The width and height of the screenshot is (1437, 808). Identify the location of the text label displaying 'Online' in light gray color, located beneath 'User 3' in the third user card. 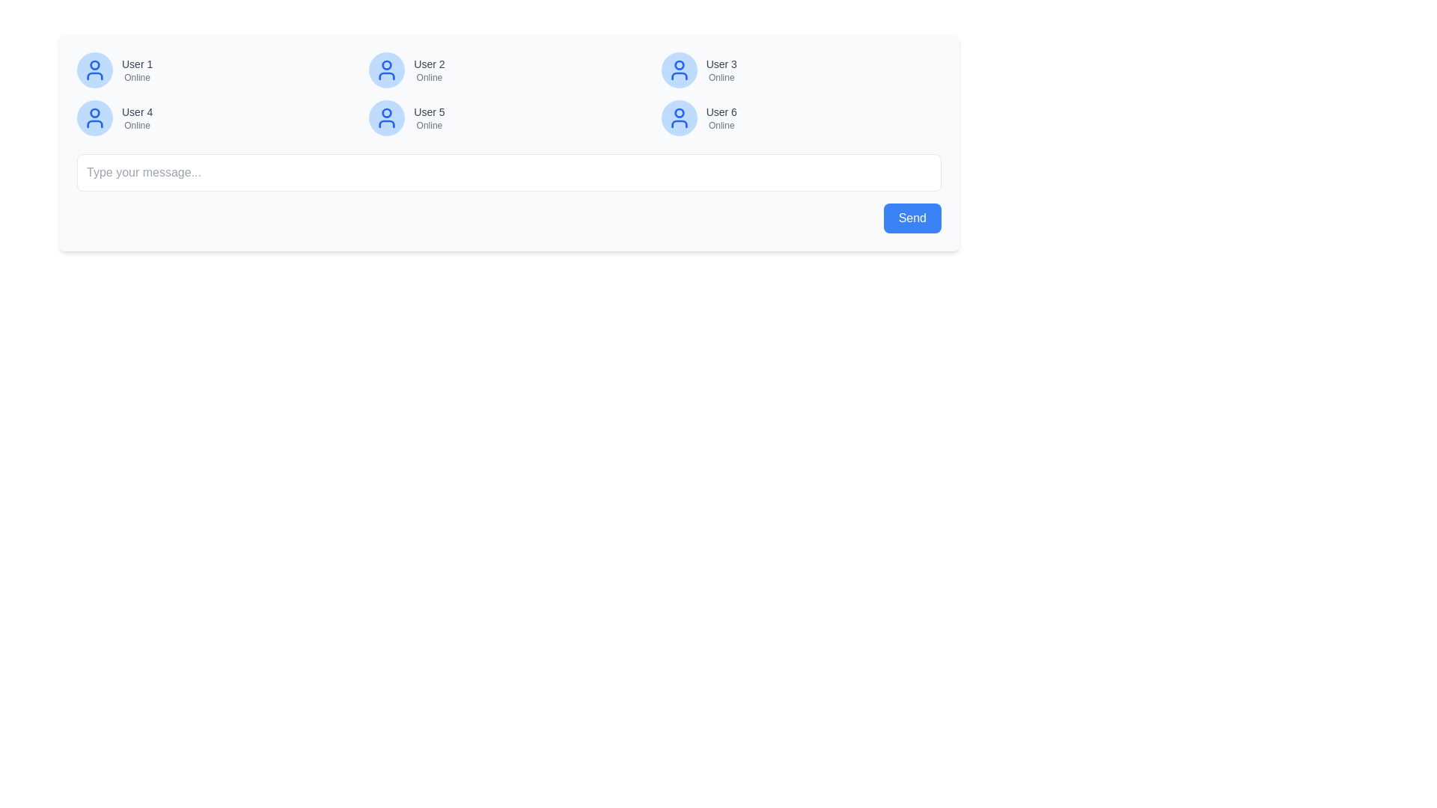
(721, 78).